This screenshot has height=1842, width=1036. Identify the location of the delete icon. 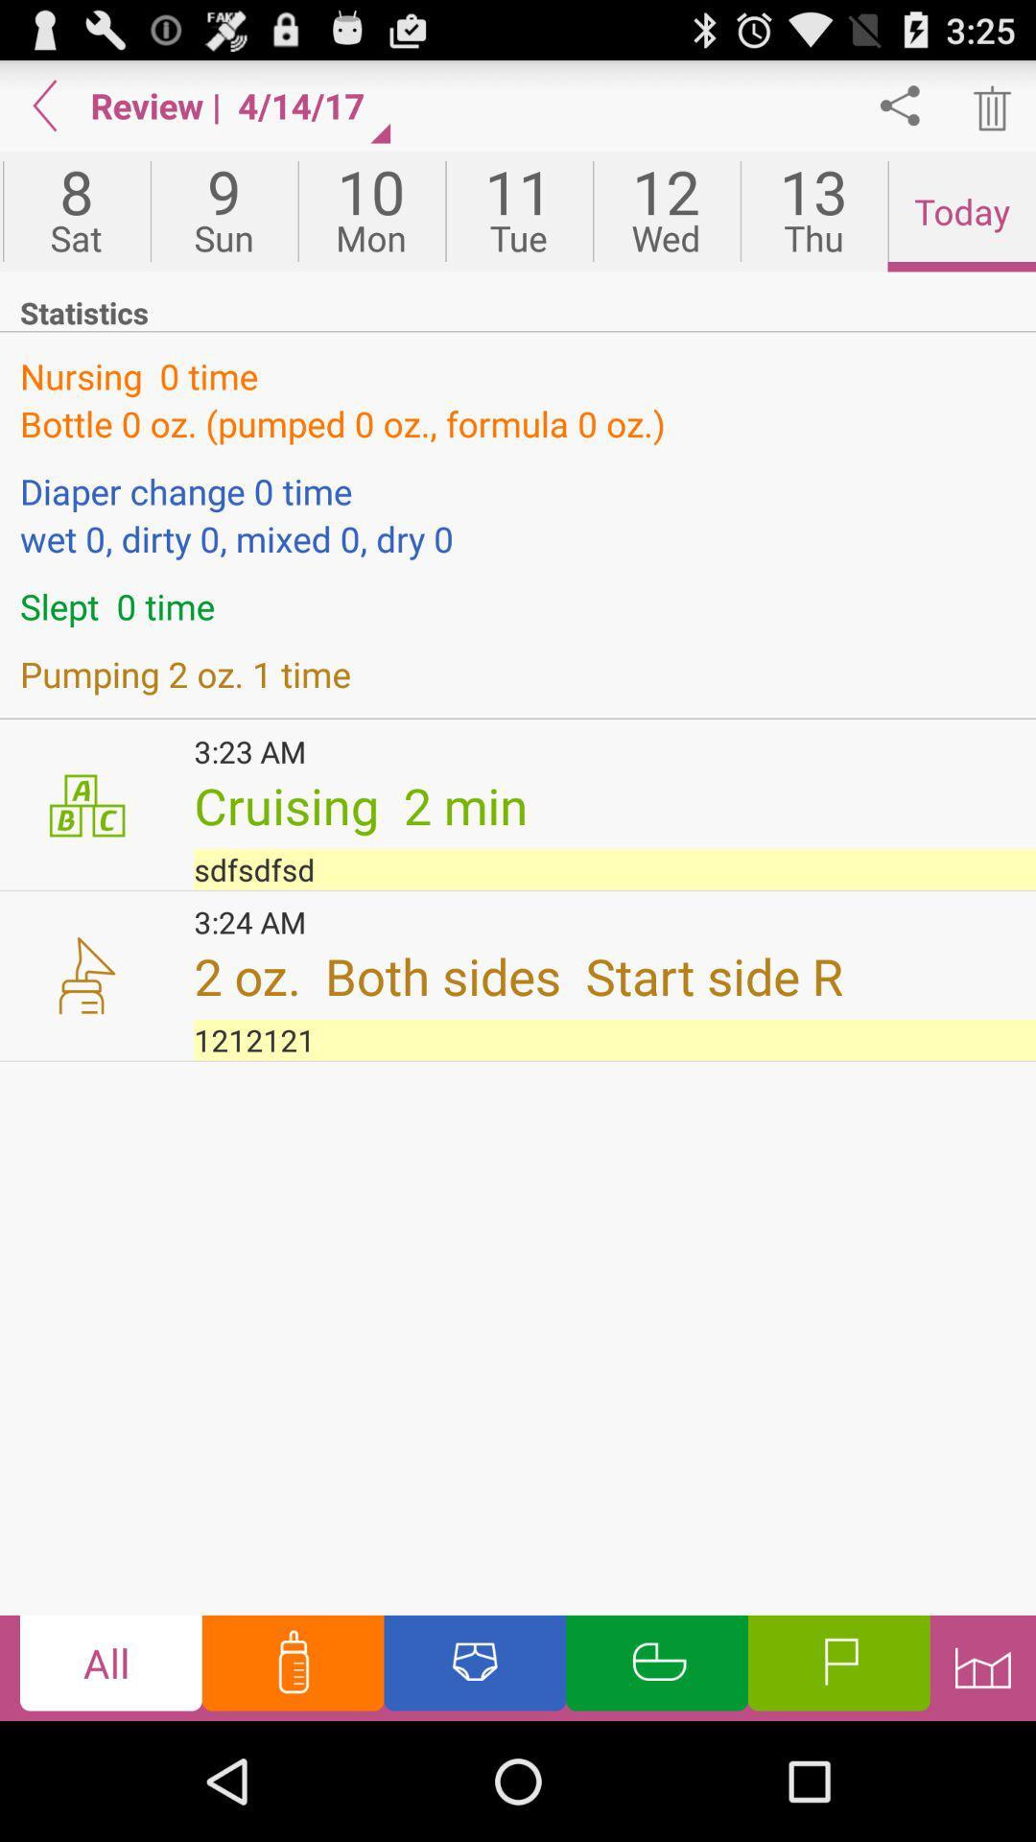
(990, 112).